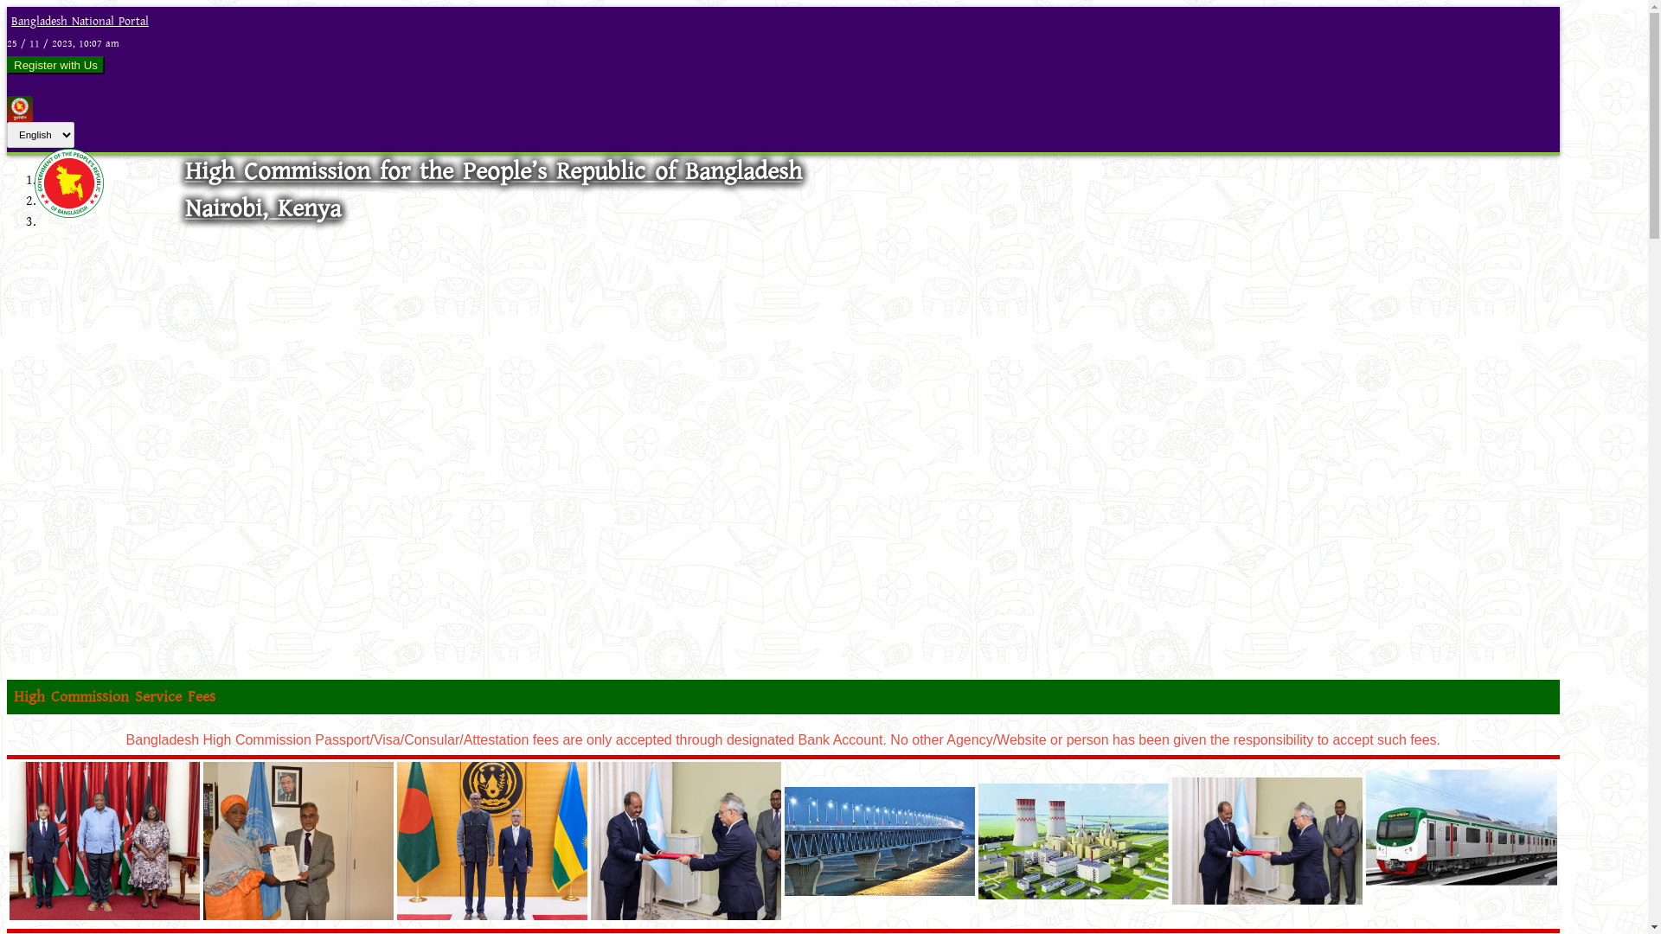 This screenshot has width=1661, height=934. Describe the element at coordinates (34, 212) in the screenshot. I see `'Logo'` at that location.